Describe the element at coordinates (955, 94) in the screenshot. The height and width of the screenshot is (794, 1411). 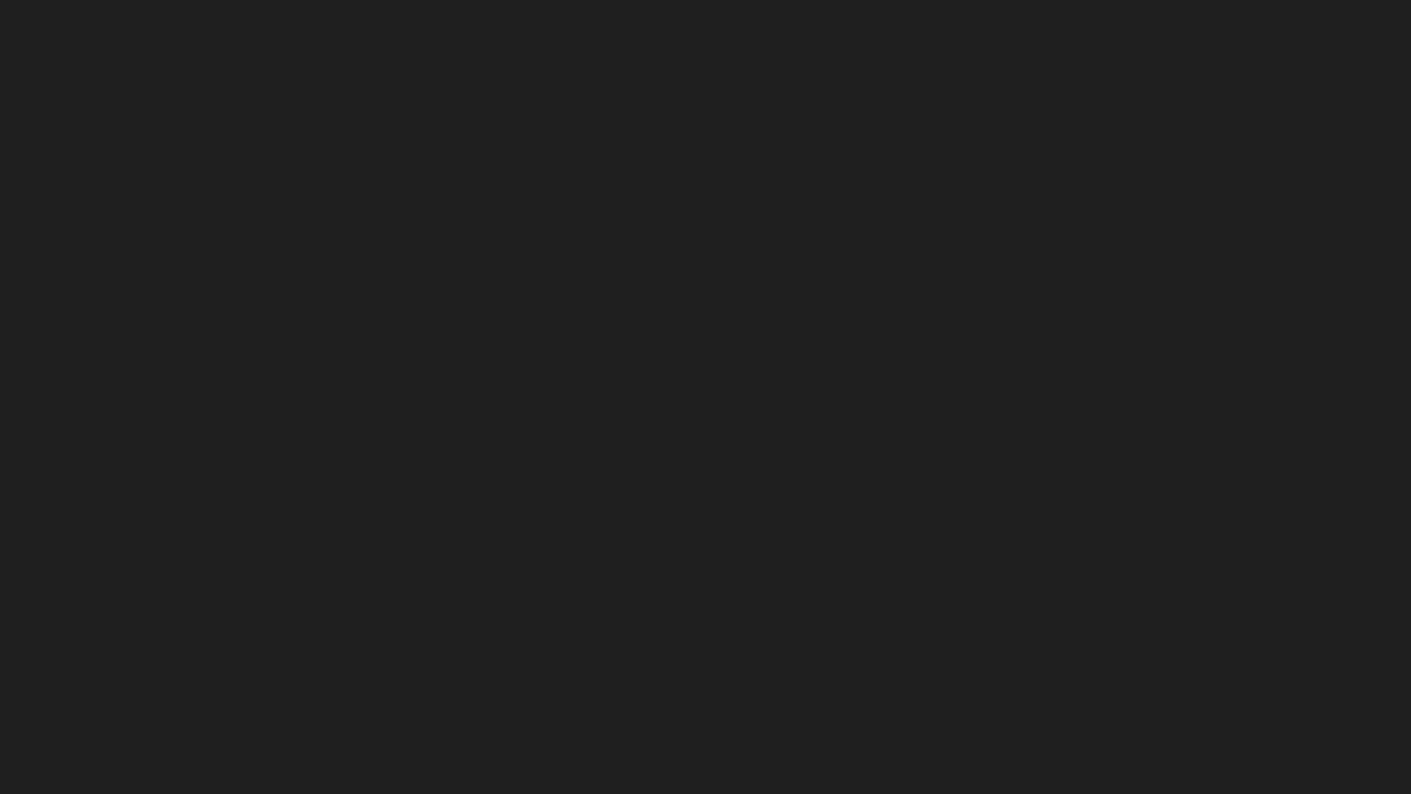
I see `Share` at that location.